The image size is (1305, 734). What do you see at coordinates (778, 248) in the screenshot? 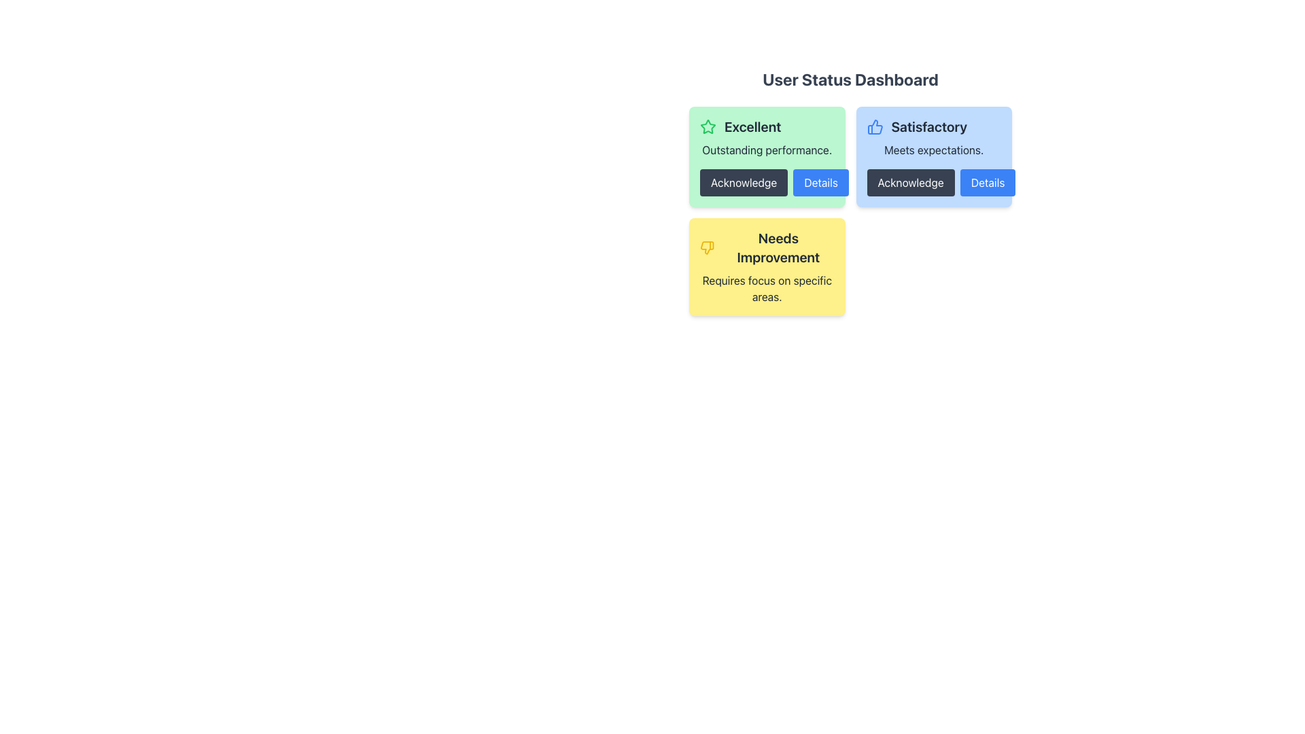
I see `the text block reading 'Needs Improvement' which is styled in bold and large font within a yellow rectangular card` at bounding box center [778, 248].